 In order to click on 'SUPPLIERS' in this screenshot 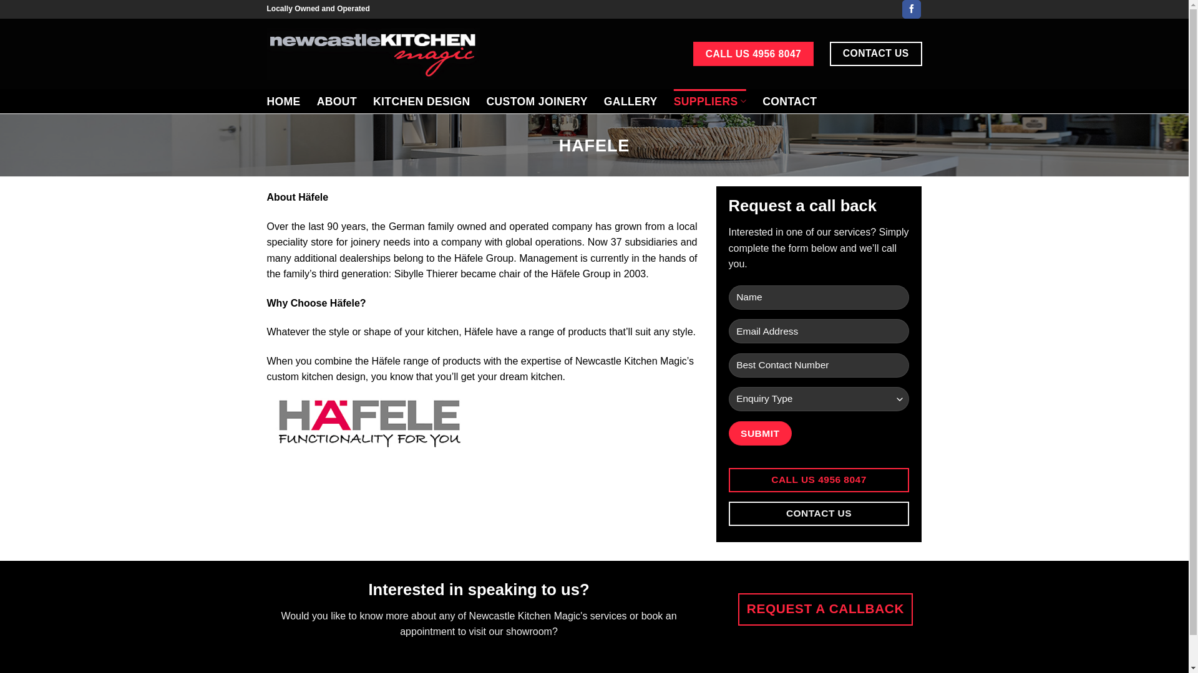, I will do `click(709, 100)`.